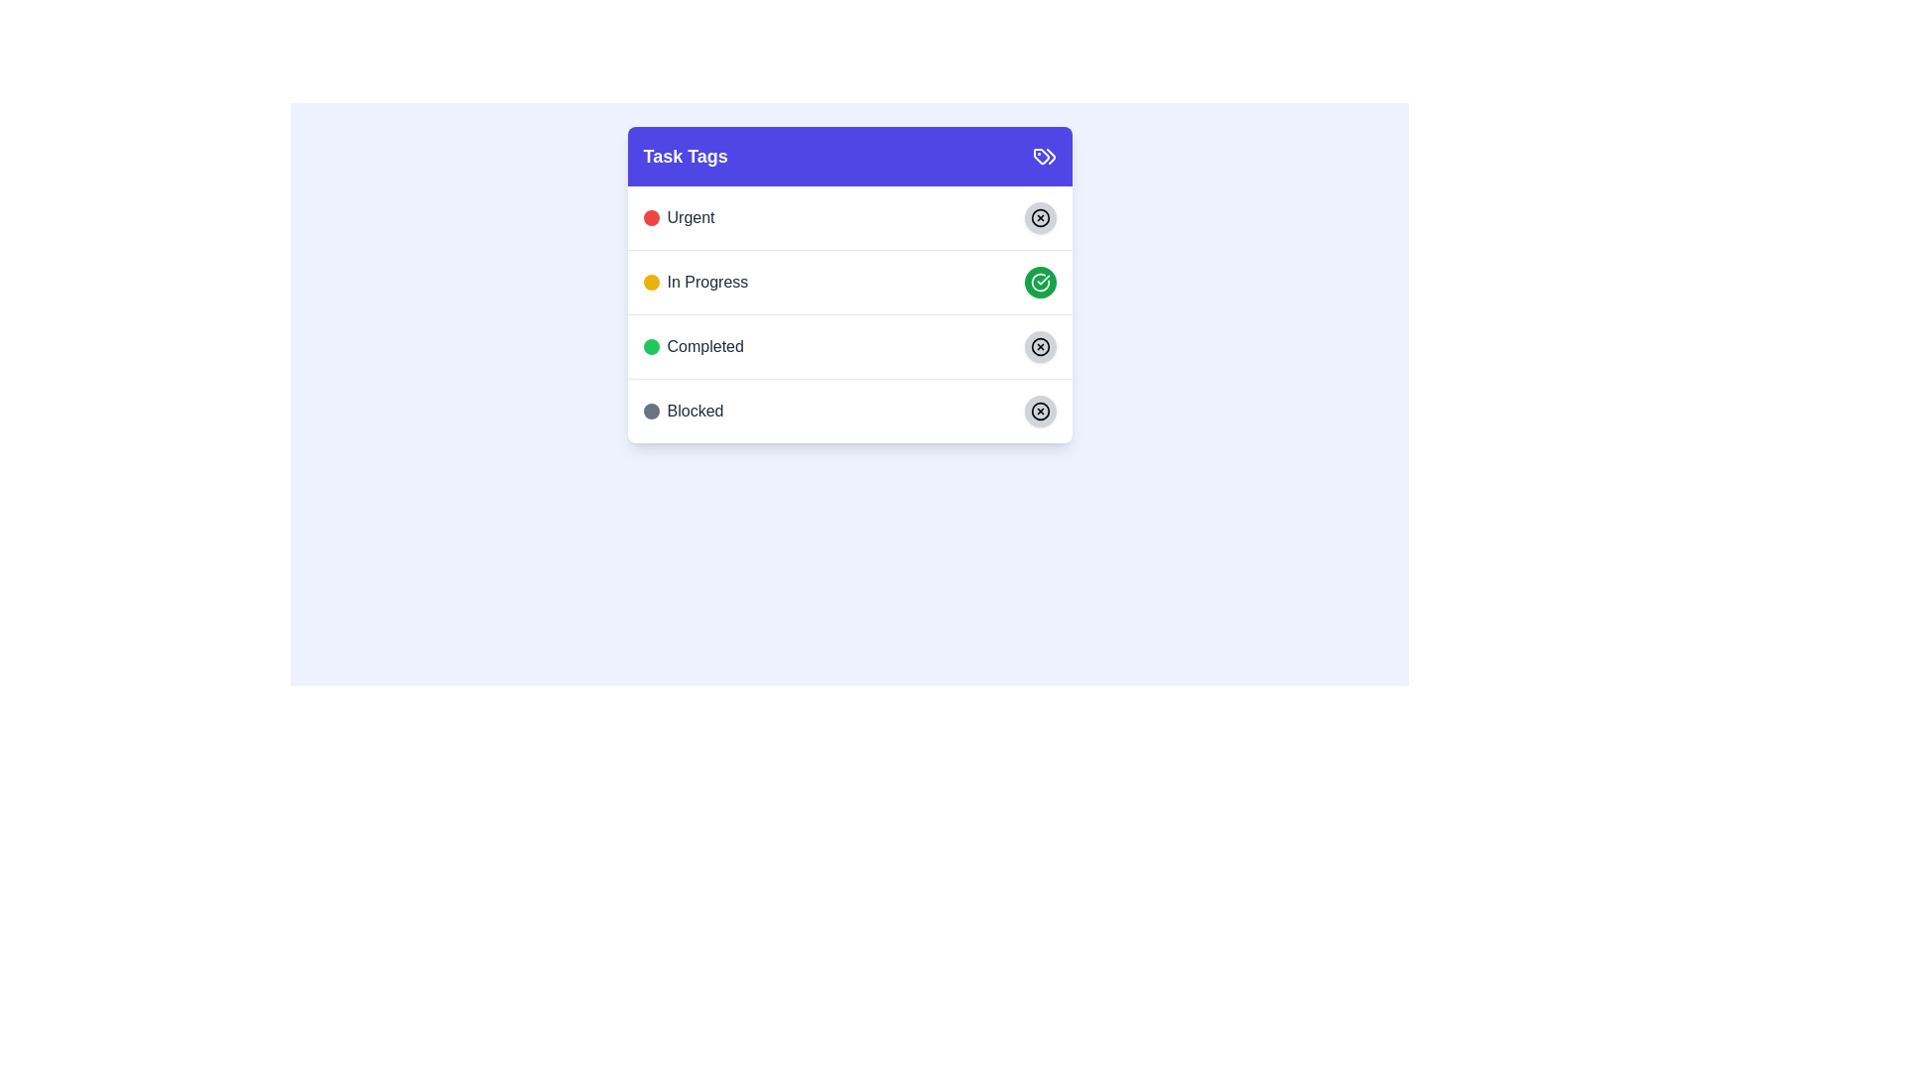  I want to click on the innermost part of the 'X' icon in the 'Urgent' row's right-side icon group, which is a graphical circle indicating a clear or remove function, so click(1039, 217).